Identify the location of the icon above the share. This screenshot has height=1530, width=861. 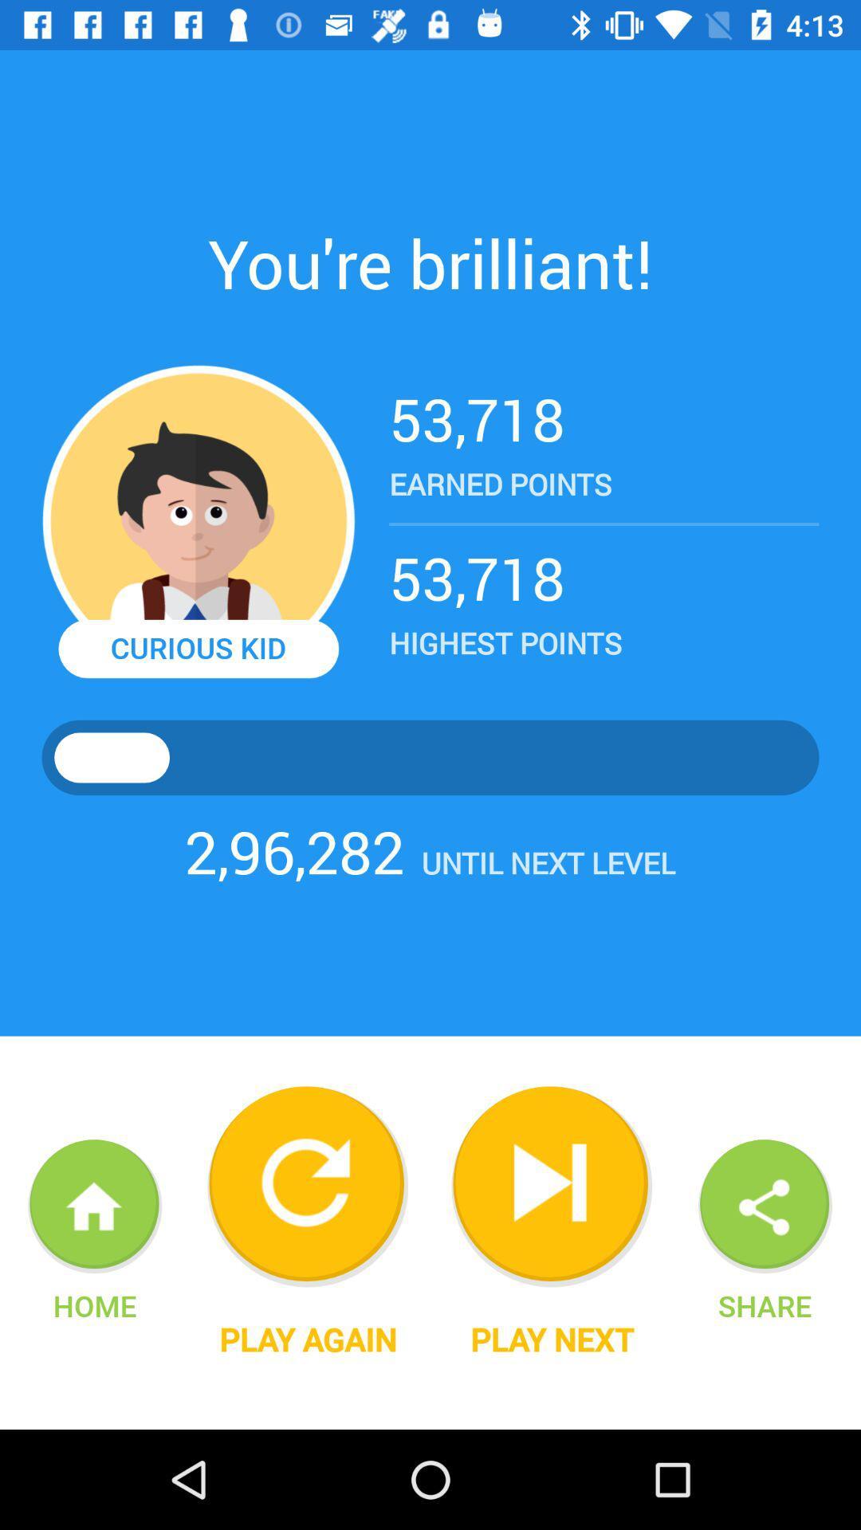
(765, 1206).